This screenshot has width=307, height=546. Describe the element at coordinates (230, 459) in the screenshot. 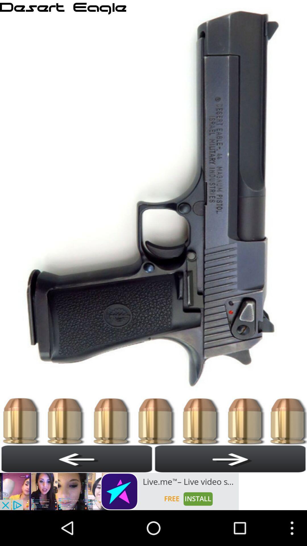

I see `go next` at that location.